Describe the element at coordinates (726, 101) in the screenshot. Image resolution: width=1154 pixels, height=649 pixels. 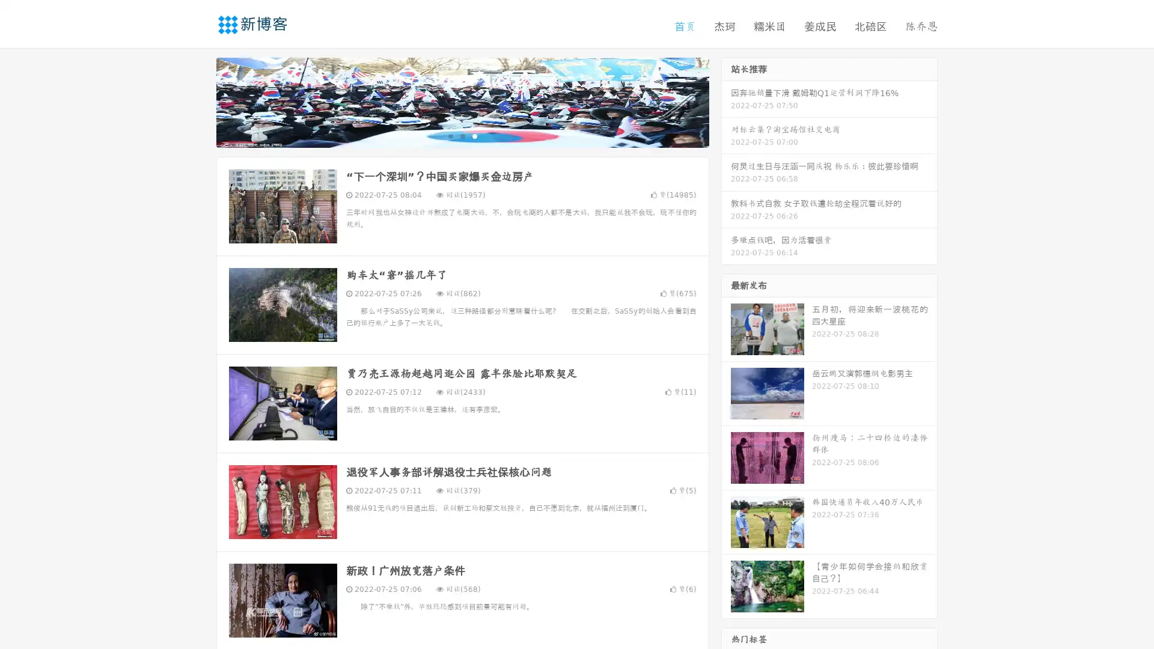
I see `Next slide` at that location.